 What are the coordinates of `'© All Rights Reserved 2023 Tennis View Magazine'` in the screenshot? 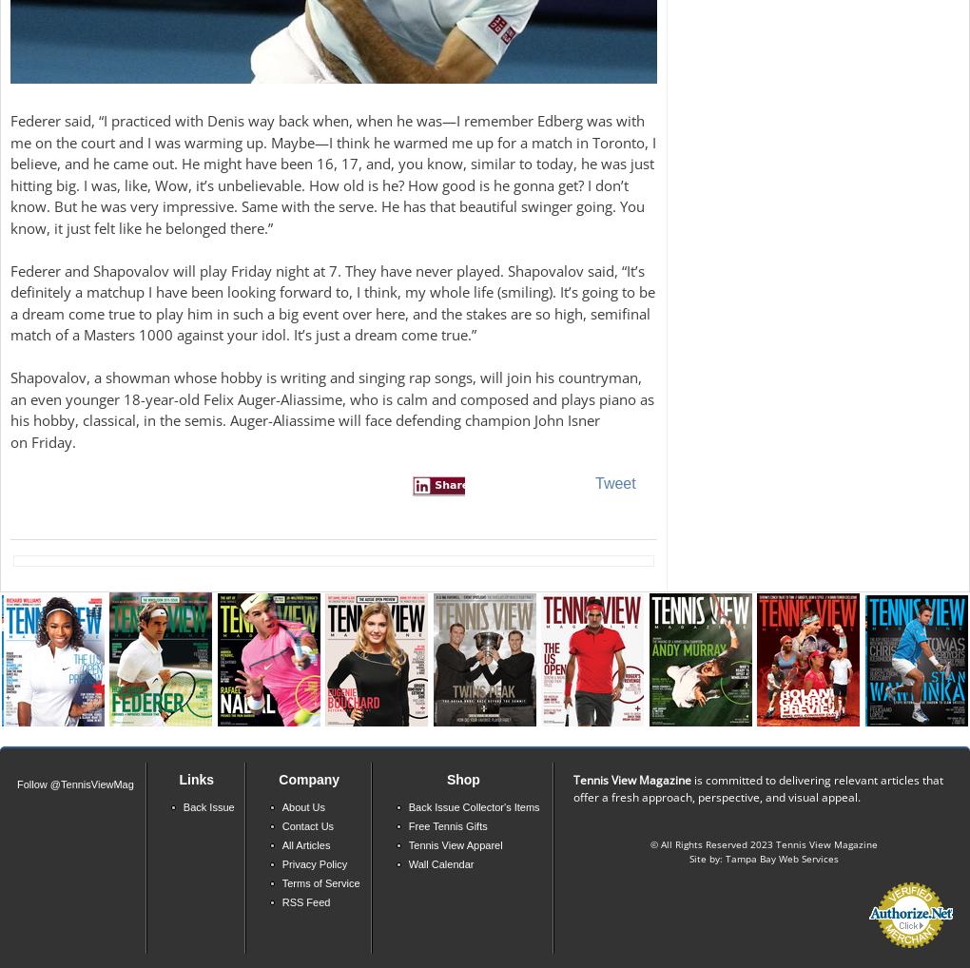 It's located at (762, 842).